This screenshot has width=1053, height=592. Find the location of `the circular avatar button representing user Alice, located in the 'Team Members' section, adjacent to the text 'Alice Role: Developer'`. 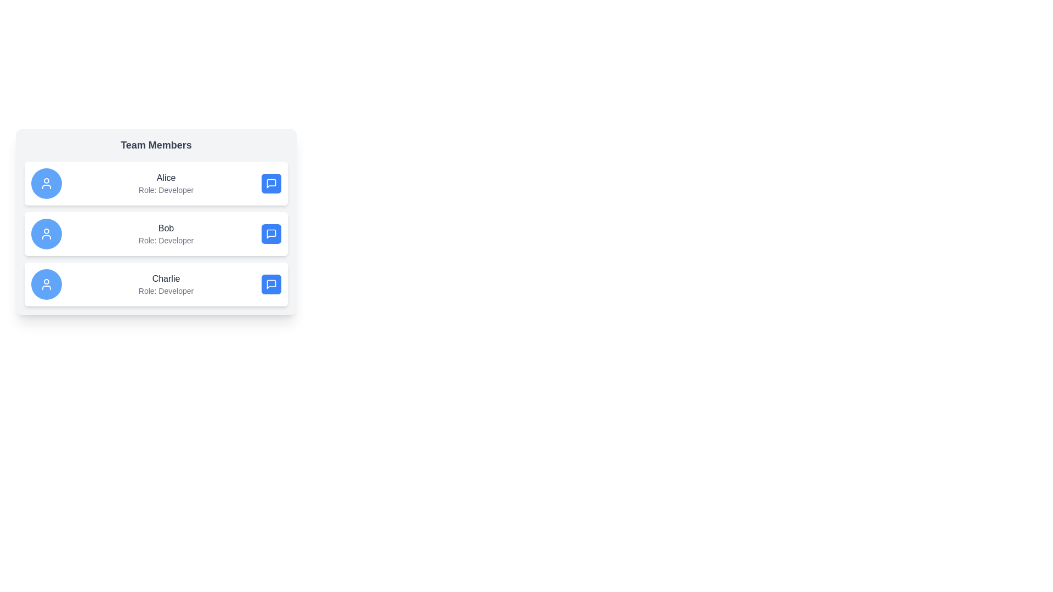

the circular avatar button representing user Alice, located in the 'Team Members' section, adjacent to the text 'Alice Role: Developer' is located at coordinates (46, 183).